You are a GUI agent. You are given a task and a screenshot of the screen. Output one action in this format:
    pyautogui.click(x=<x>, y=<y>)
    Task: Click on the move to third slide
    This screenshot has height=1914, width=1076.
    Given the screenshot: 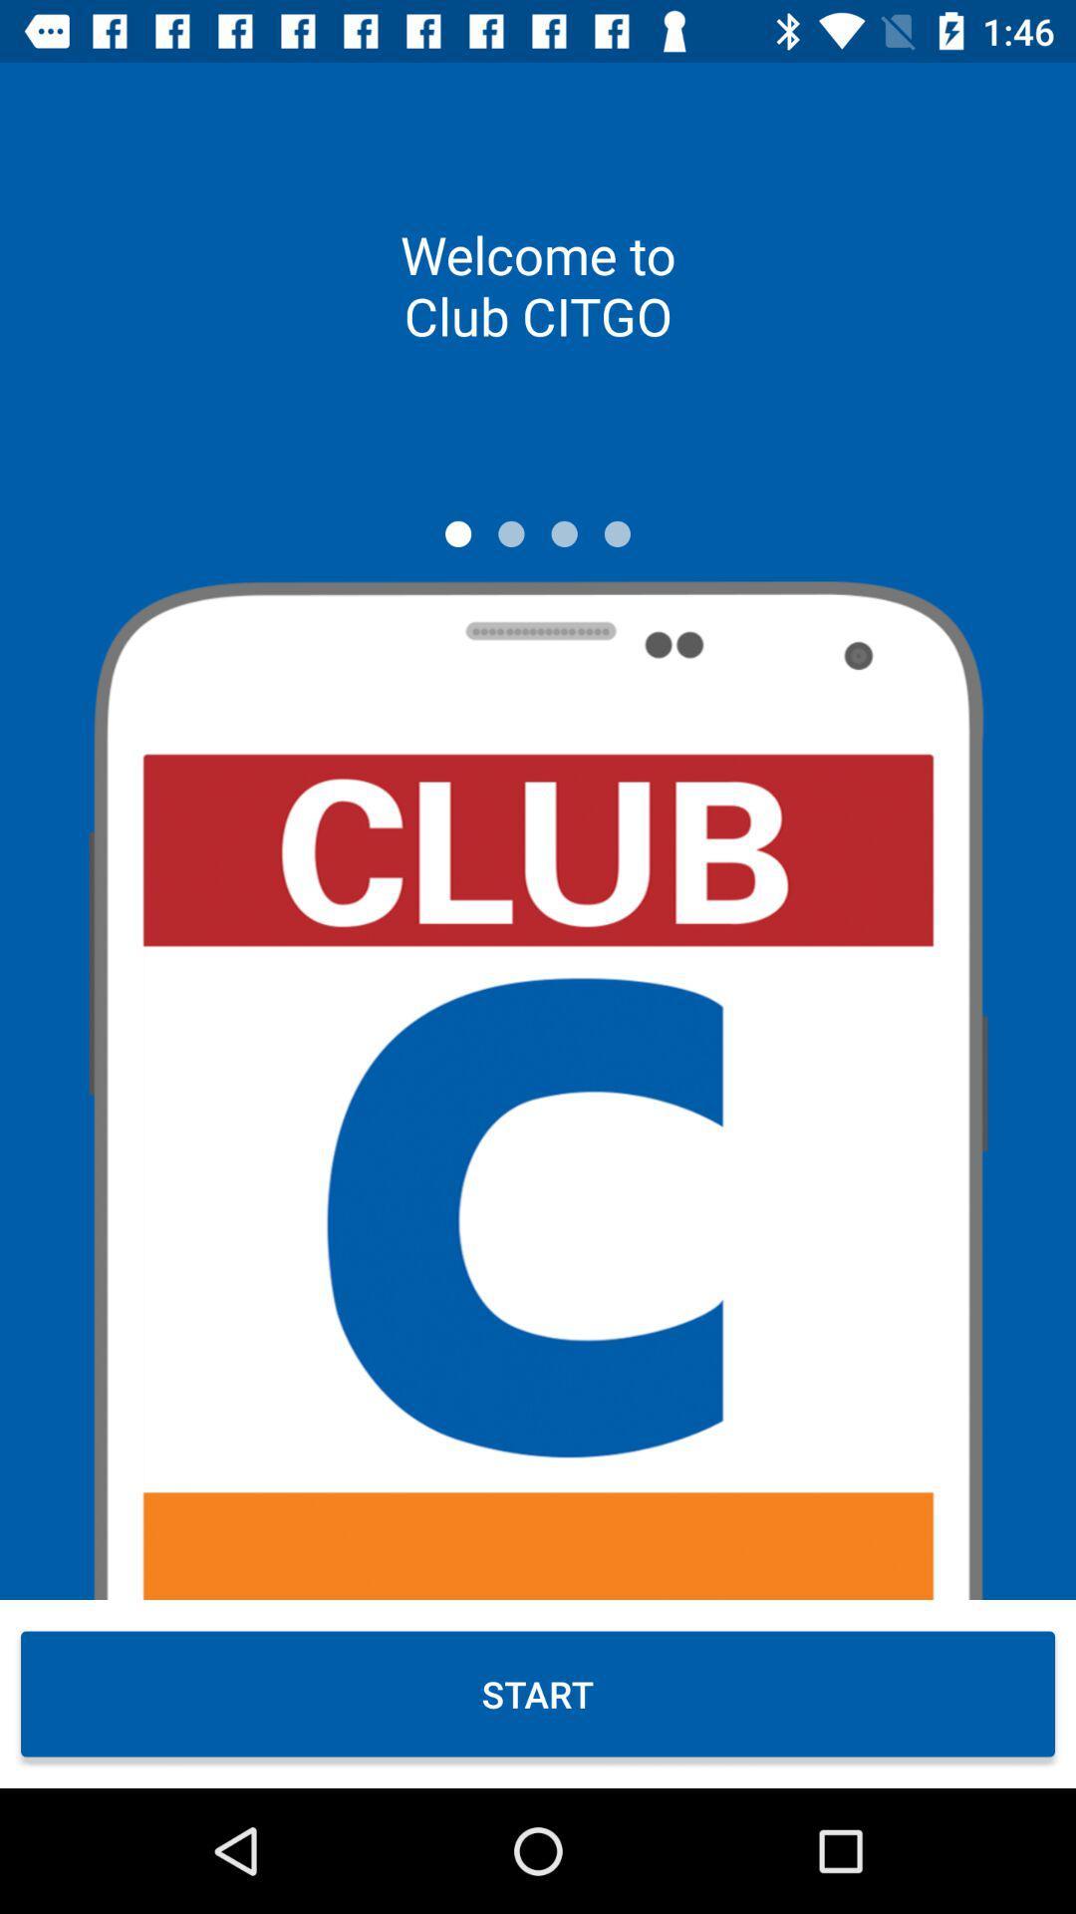 What is the action you would take?
    pyautogui.click(x=564, y=533)
    